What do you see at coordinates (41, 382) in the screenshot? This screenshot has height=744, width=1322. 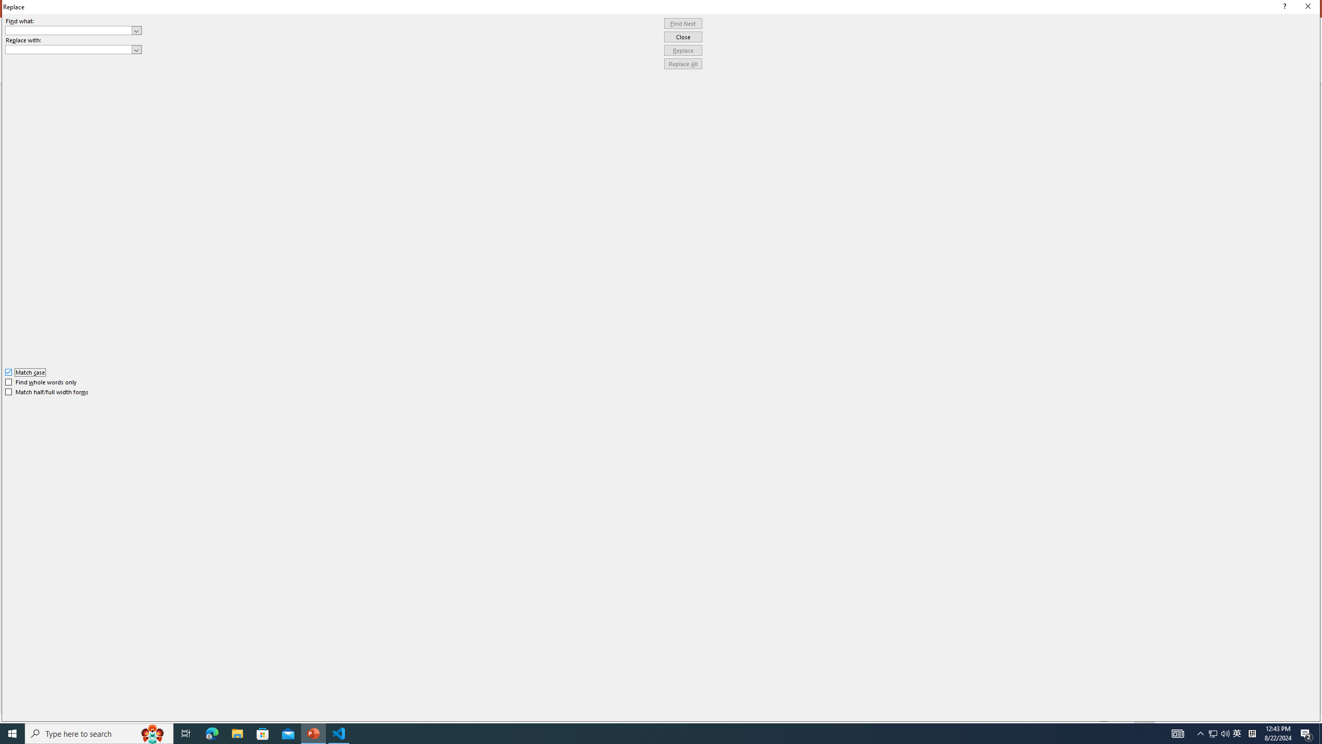 I see `'Find whole words only'` at bounding box center [41, 382].